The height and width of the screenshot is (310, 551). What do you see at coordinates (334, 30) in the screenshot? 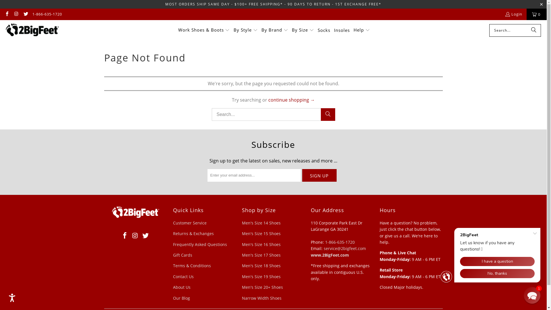
I see `'Insoles'` at bounding box center [334, 30].